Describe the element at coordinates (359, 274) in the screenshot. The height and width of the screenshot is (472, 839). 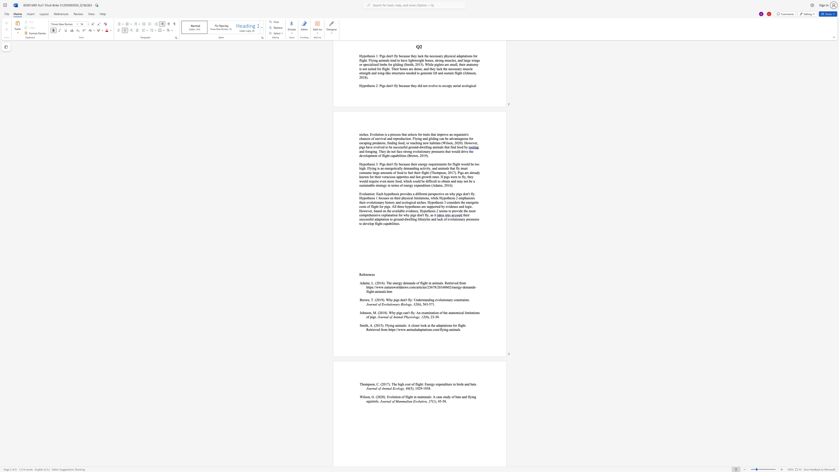
I see `the subset text "Reference" within the text "References"` at that location.